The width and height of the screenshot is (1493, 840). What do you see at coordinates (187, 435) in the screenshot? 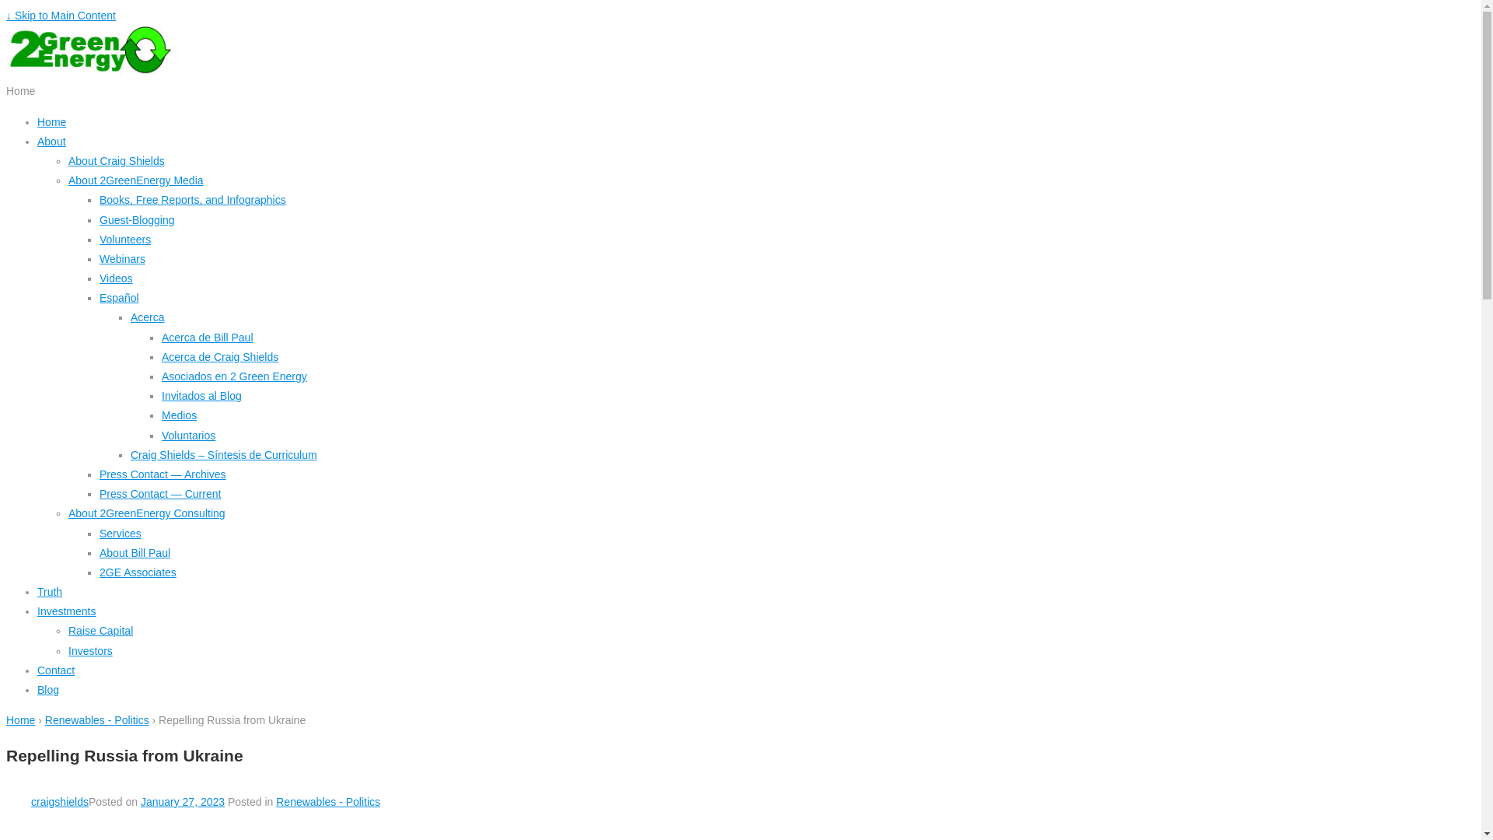
I see `'Voluntarios'` at bounding box center [187, 435].